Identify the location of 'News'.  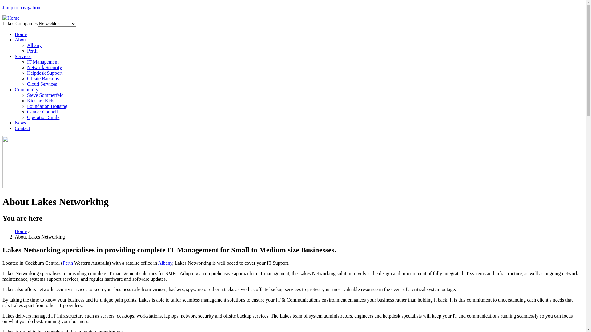
(20, 123).